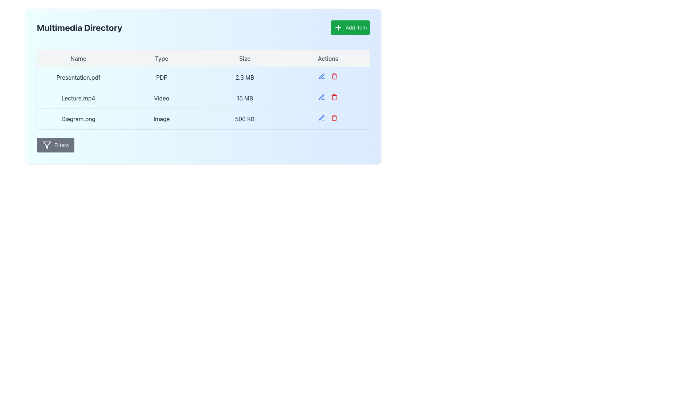 This screenshot has height=393, width=700. What do you see at coordinates (203, 98) in the screenshot?
I see `on the table row displaying information about the file 'Lecture.mp4'` at bounding box center [203, 98].